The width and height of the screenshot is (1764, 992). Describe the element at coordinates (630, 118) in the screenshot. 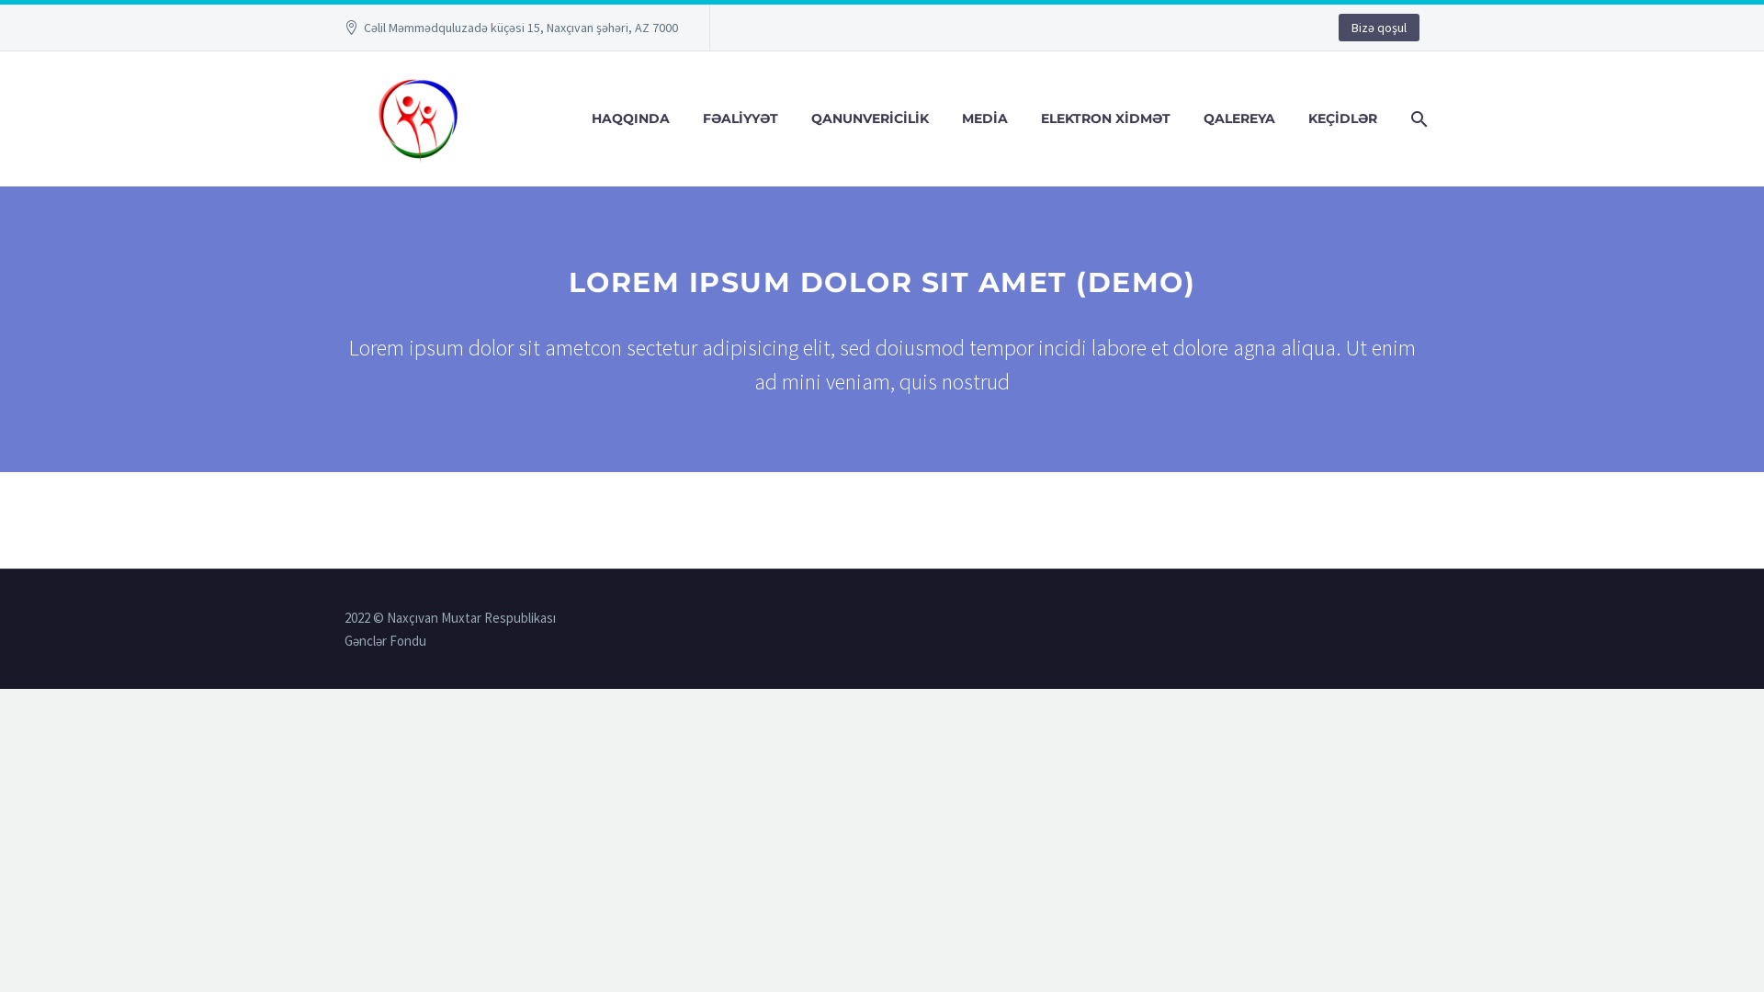

I see `'HAQQINDA'` at that location.